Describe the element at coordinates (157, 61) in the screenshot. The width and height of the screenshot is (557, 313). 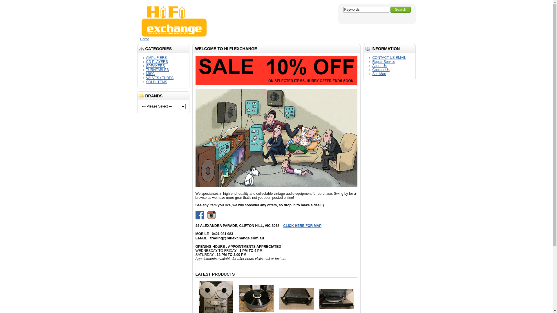
I see `'CD PLAYERS'` at that location.